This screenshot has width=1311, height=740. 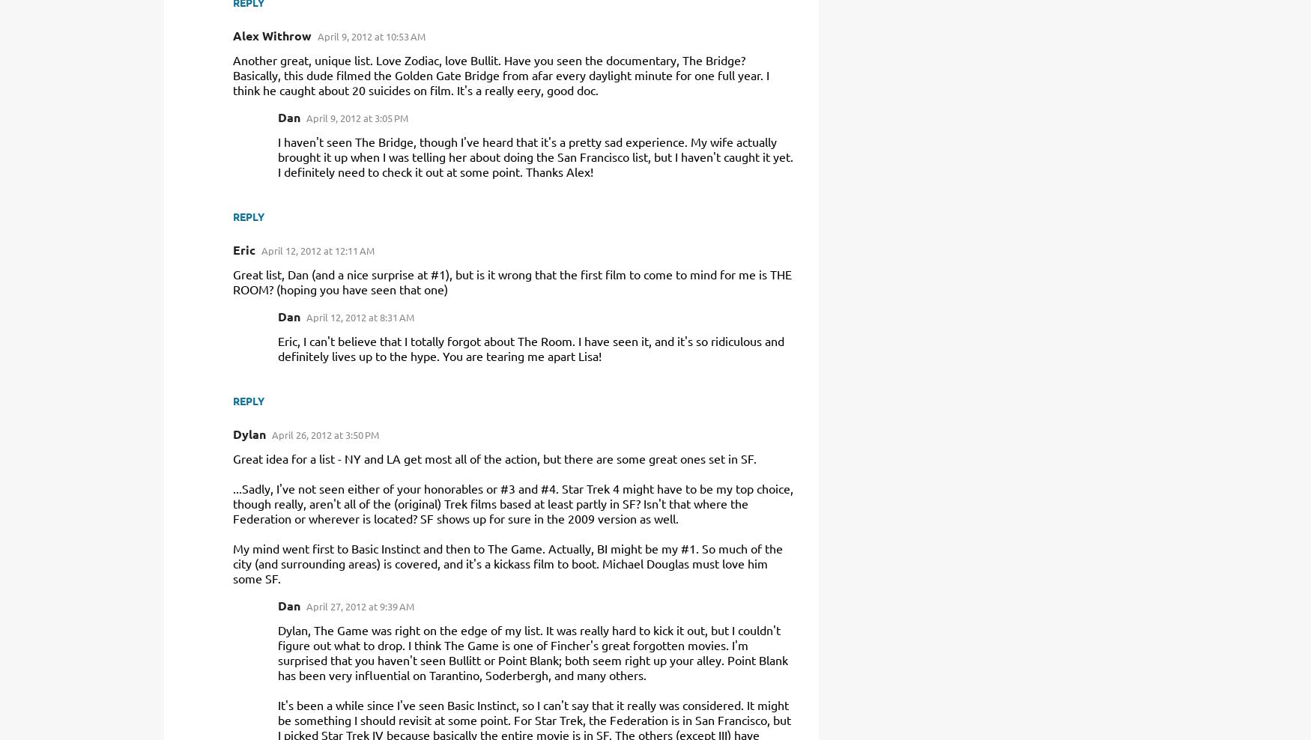 I want to click on 'My mind went first to Basic Instinct and then to The Game.  Actually, BI might be my #1.  So much of the city (and surrounding areas) is covered, and it's a kickass film to boot.  Michael Douglas must love him some SF.', so click(x=506, y=562).